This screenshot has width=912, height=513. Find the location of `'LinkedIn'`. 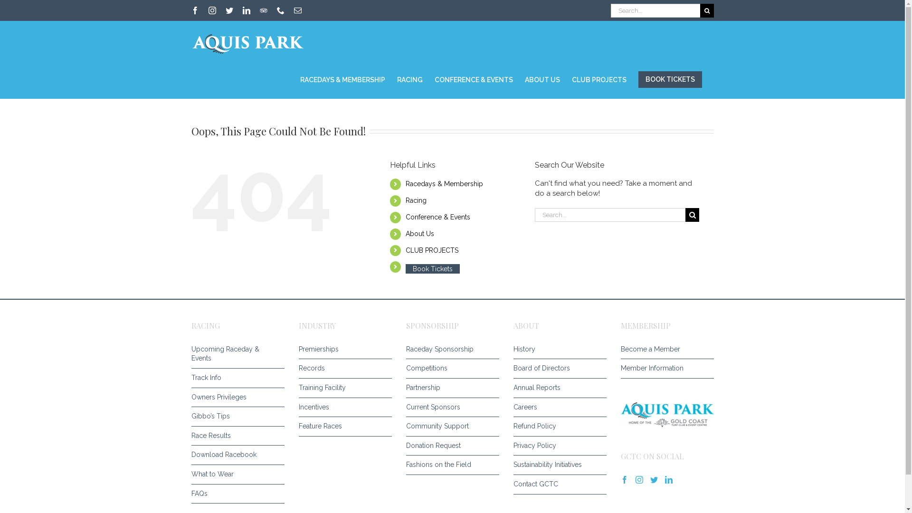

'LinkedIn' is located at coordinates (246, 10).